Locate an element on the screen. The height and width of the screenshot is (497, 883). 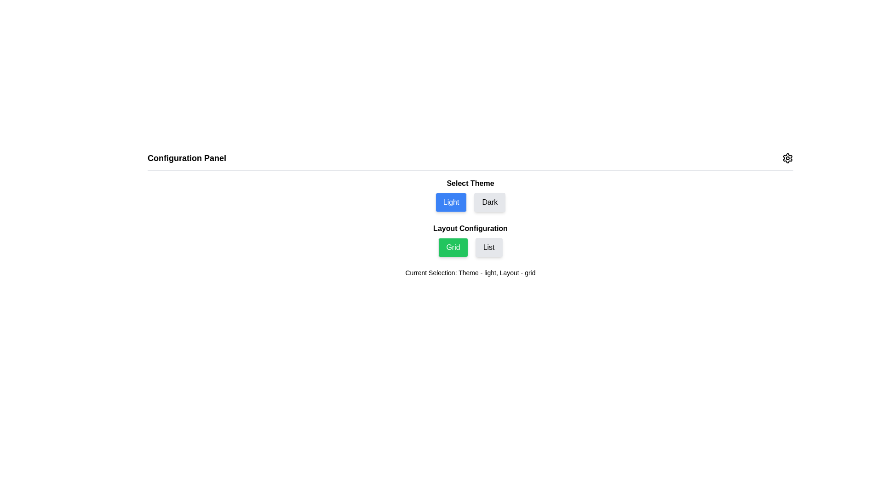
the rectangular green button labeled 'Grid' in the 'Layout Configuration' section is located at coordinates (453, 247).